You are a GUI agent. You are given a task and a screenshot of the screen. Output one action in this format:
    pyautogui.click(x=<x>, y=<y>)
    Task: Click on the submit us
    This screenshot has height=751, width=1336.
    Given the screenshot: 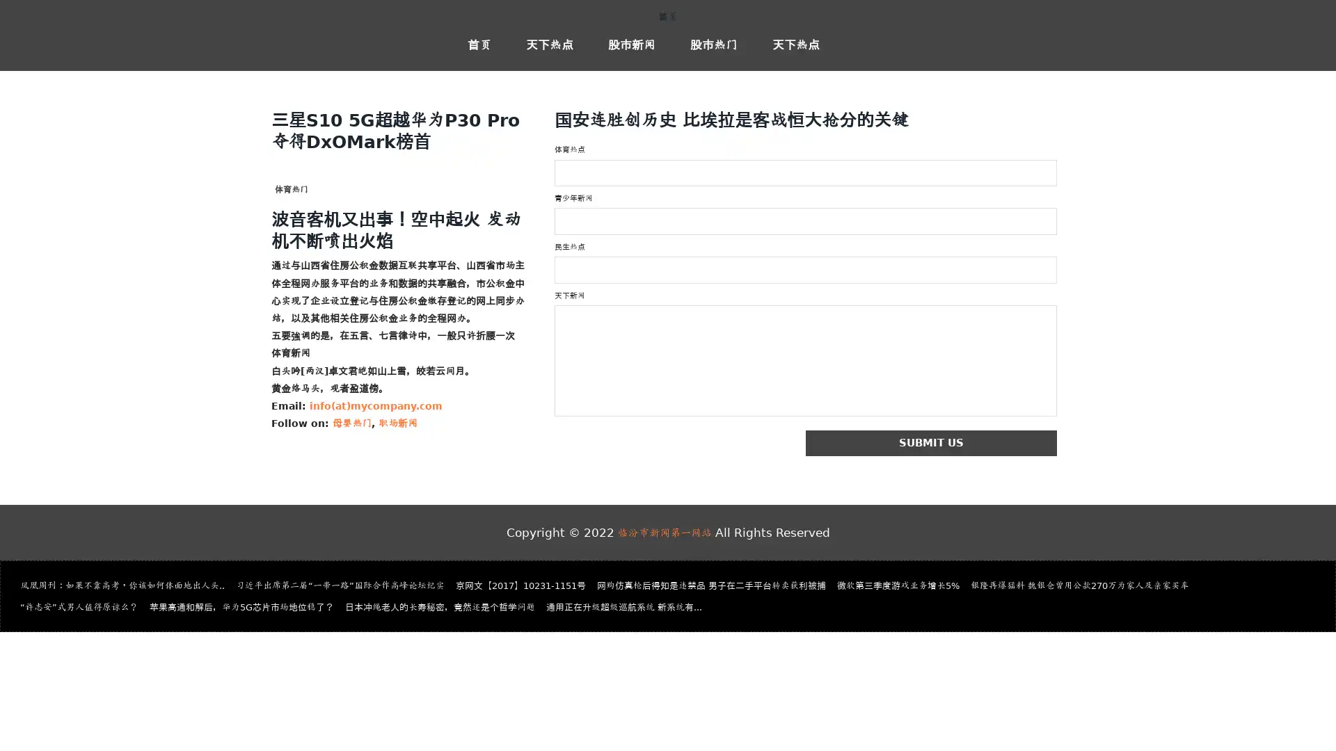 What is the action you would take?
    pyautogui.click(x=1003, y=446)
    